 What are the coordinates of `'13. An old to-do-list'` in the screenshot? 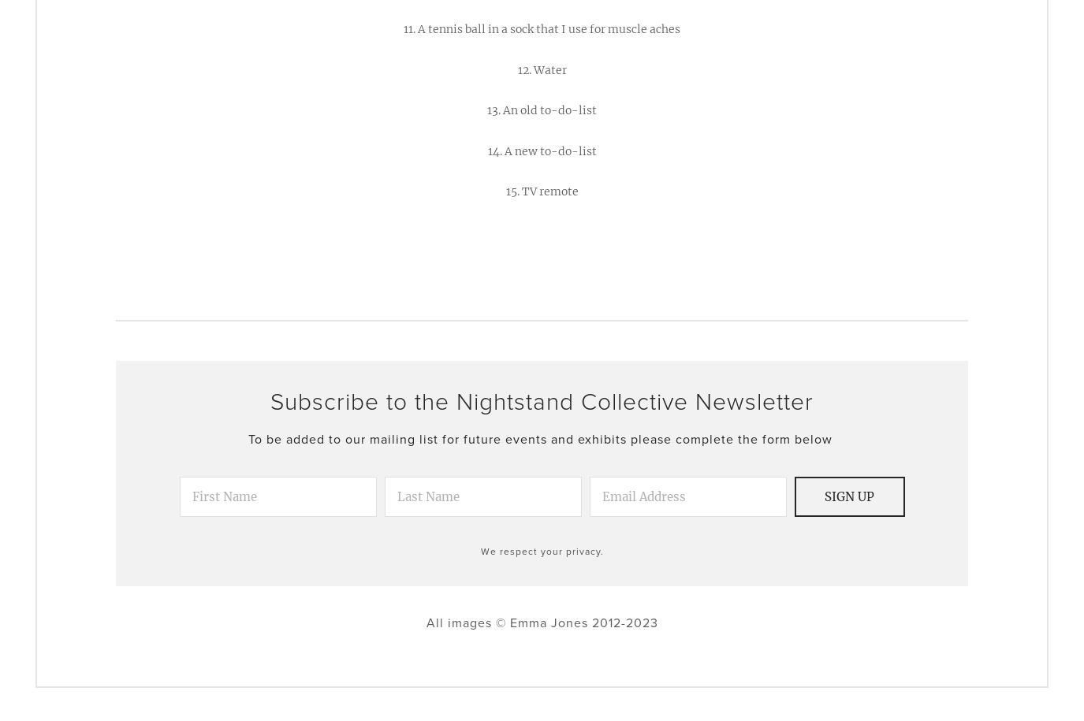 It's located at (486, 110).